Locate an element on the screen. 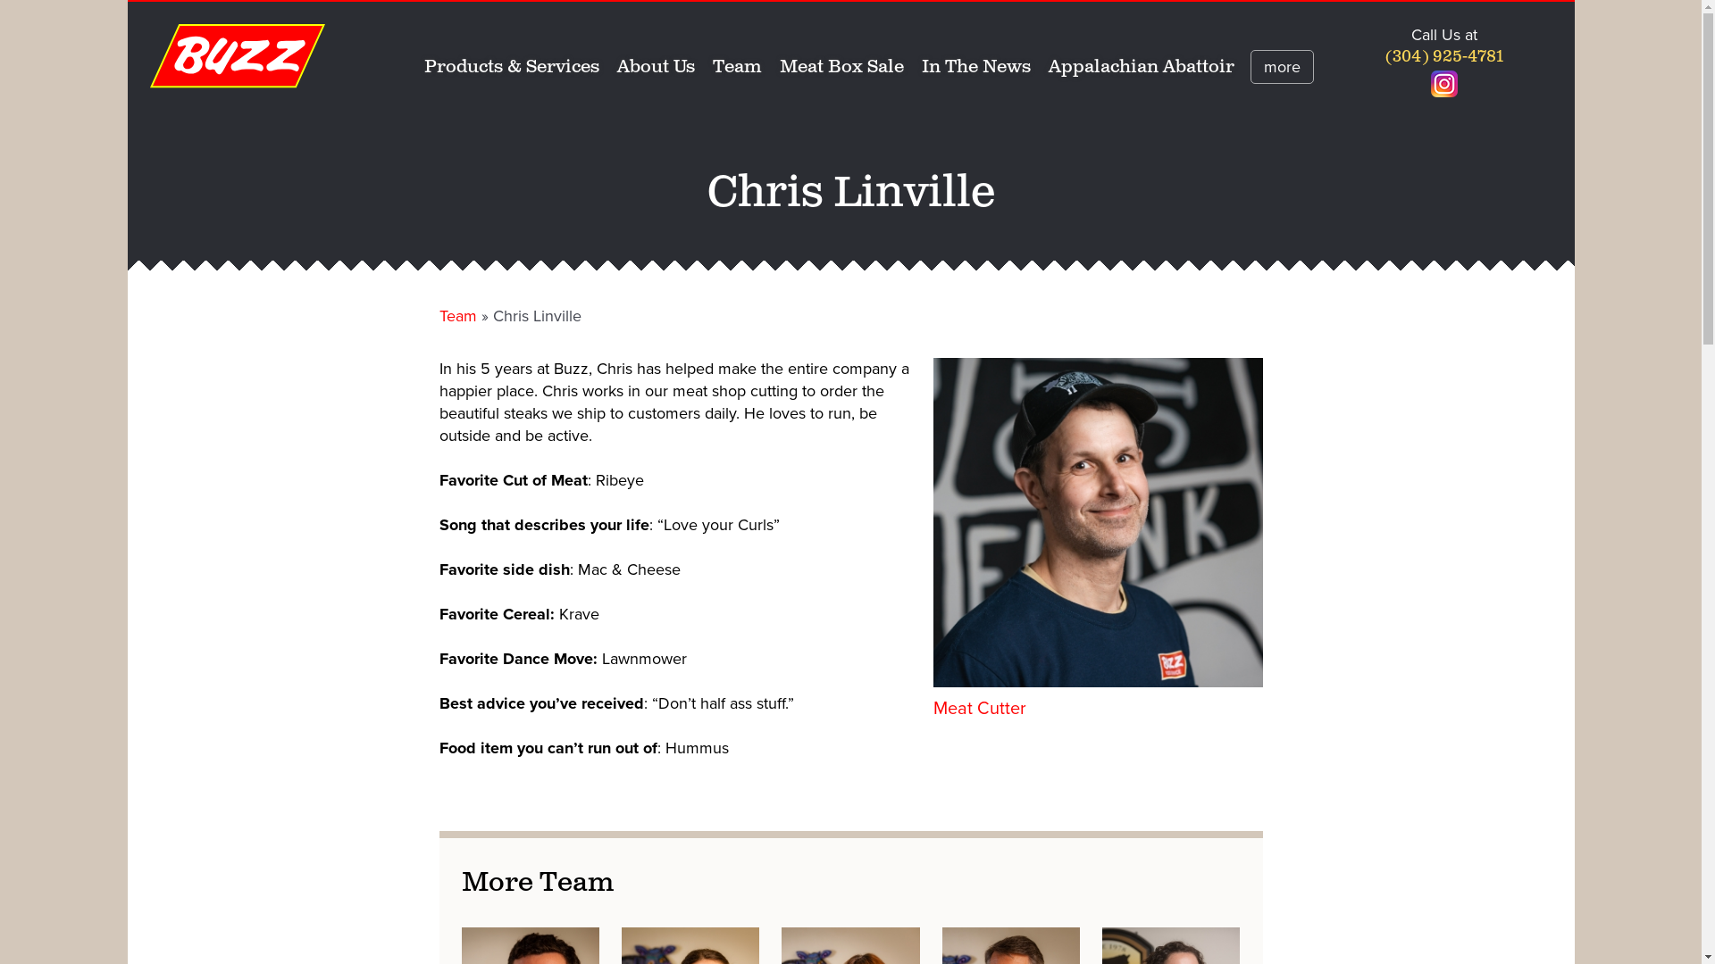  '(304) 925-4781' is located at coordinates (1384, 56).